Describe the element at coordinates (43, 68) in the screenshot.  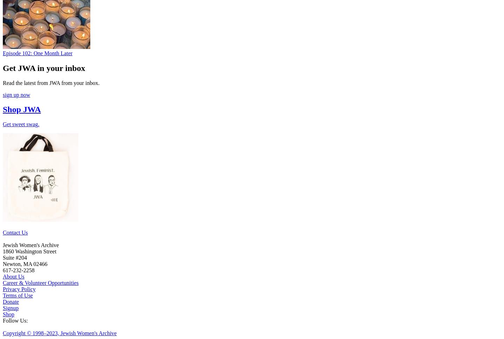
I see `'Get JWA in your inbox'` at that location.